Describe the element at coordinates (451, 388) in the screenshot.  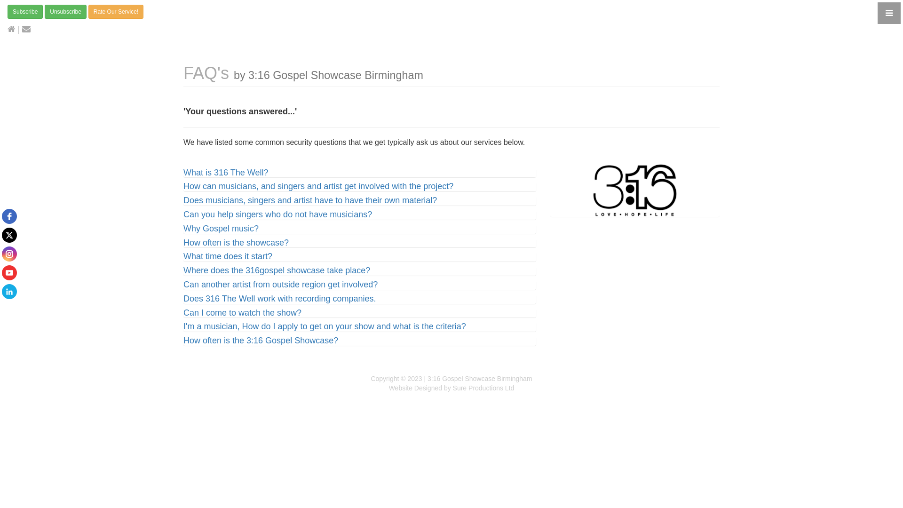
I see `'Website Designed by Sure Productions Ltd'` at that location.